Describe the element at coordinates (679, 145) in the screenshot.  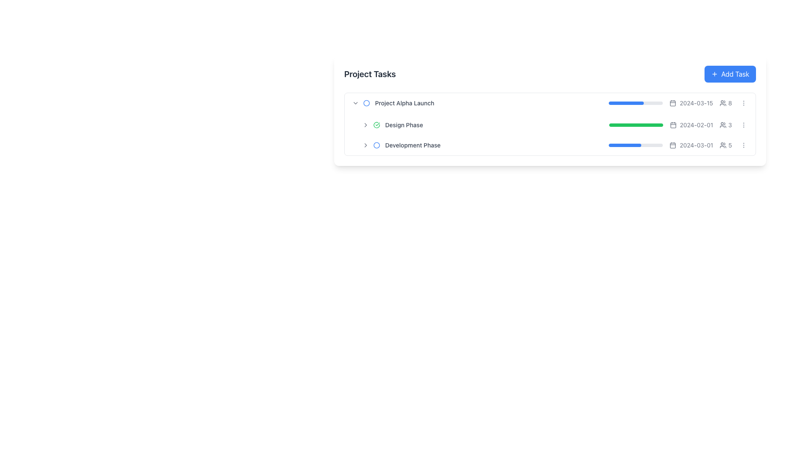
I see `the progress bar indicating the 'Development Phase' task, which is located in the third row of the task list, adjacent to the right side of the 'Development Phase' label` at that location.